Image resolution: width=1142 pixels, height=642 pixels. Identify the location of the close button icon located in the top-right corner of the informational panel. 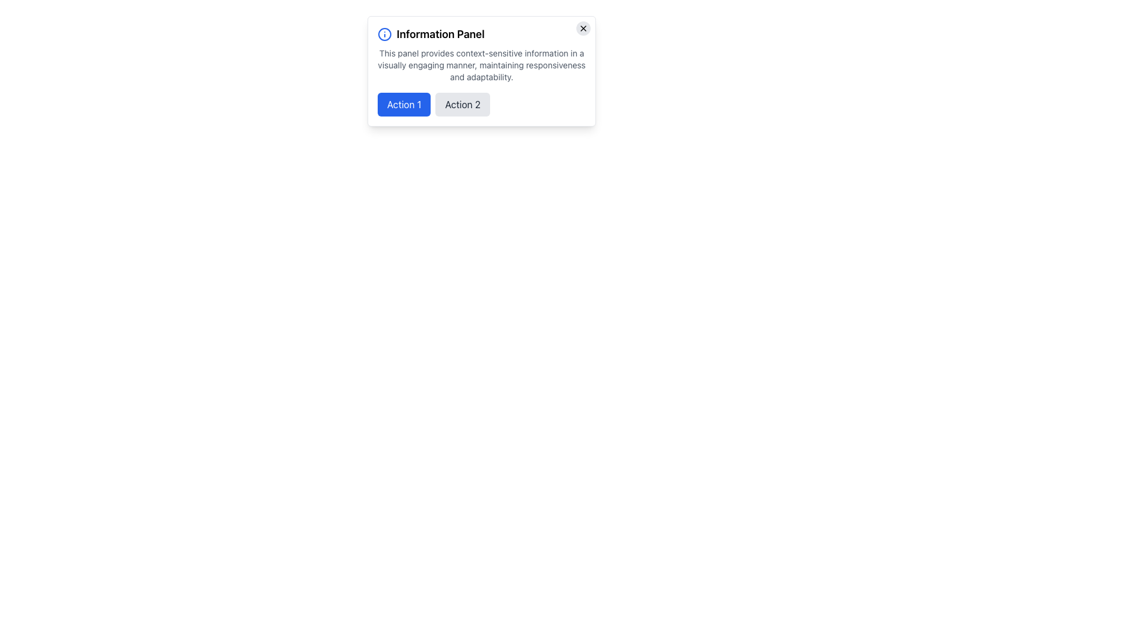
(583, 27).